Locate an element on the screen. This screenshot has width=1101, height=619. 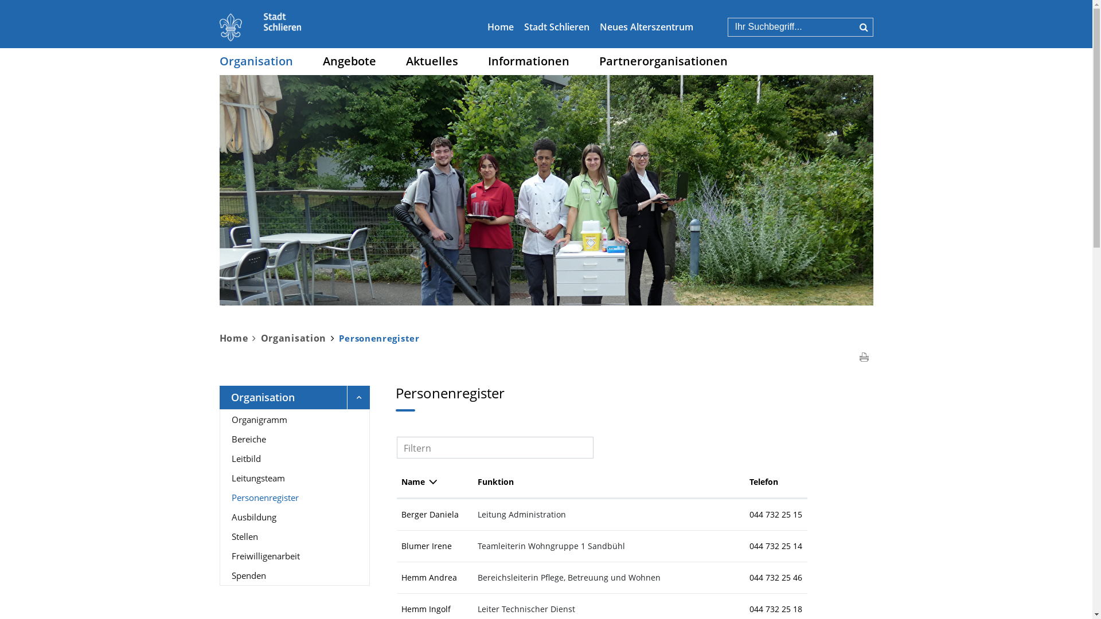
'Neues Alterszentrum' is located at coordinates (646, 26).